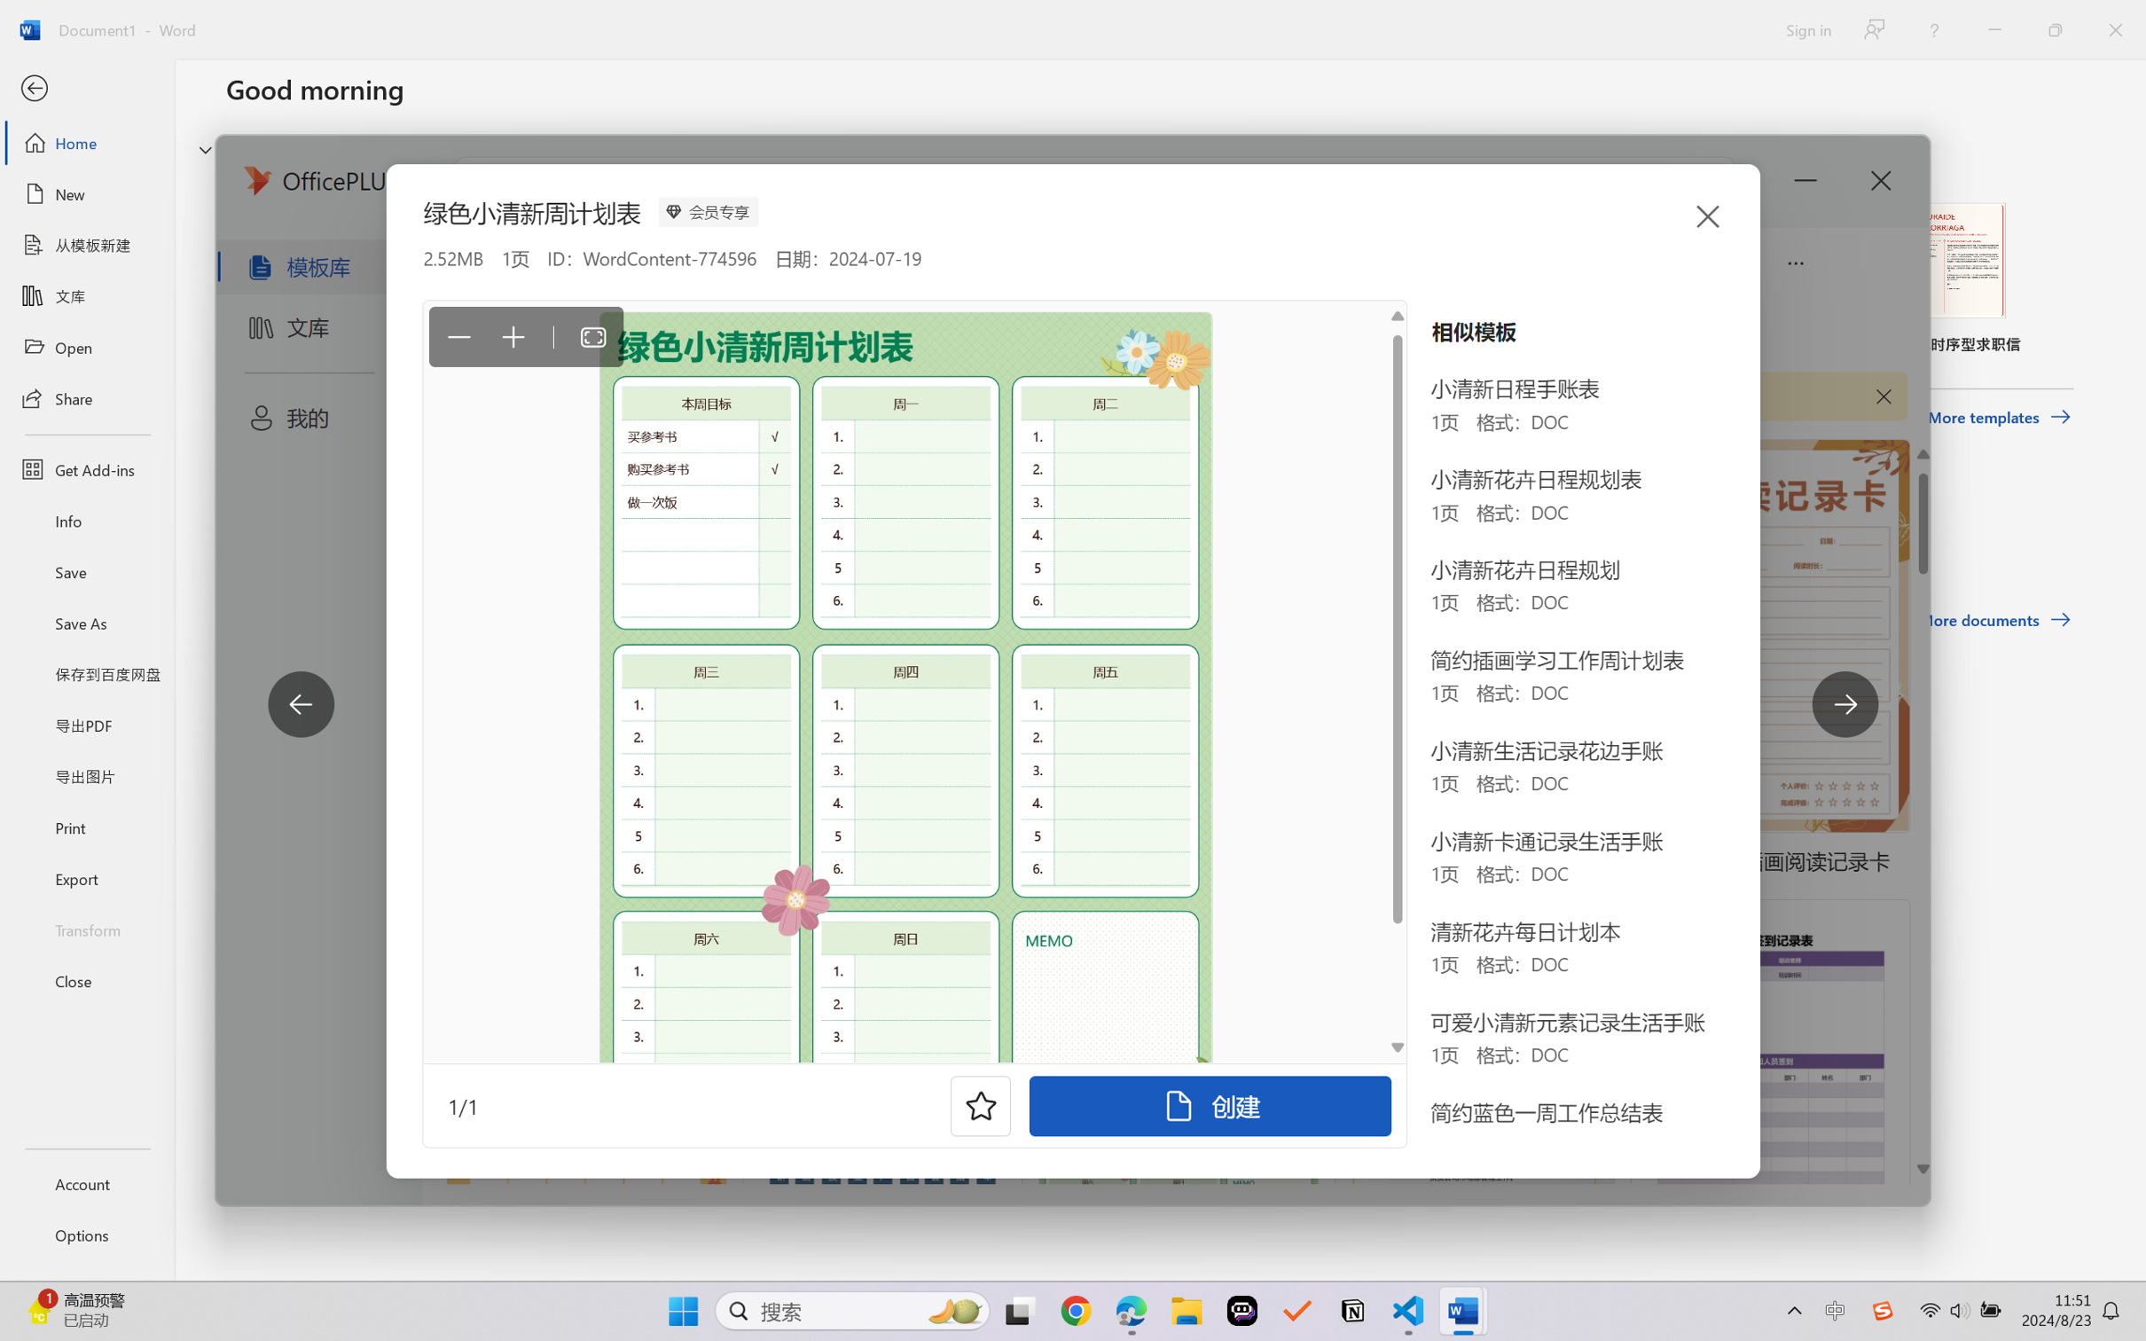  I want to click on 'Get Add-ins', so click(86, 468).